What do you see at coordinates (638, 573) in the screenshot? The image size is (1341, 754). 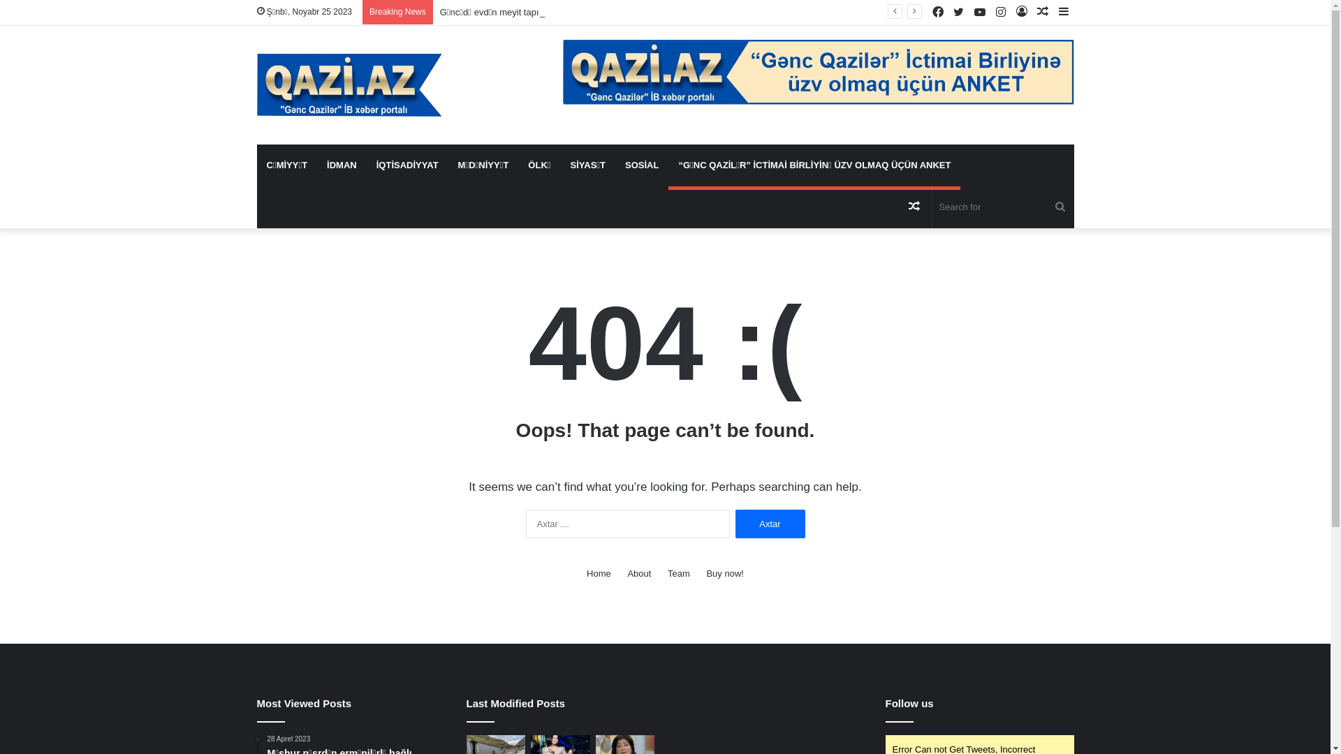 I see `'About'` at bounding box center [638, 573].